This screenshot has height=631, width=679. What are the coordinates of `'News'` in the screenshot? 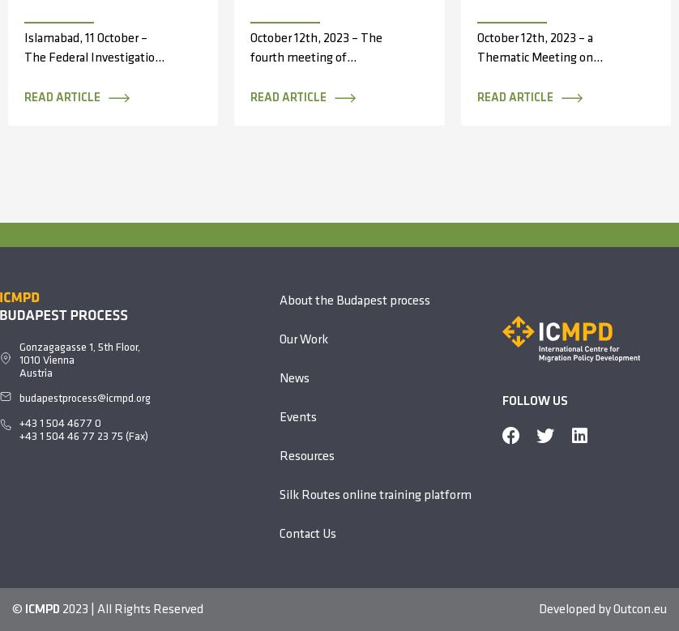 It's located at (293, 377).